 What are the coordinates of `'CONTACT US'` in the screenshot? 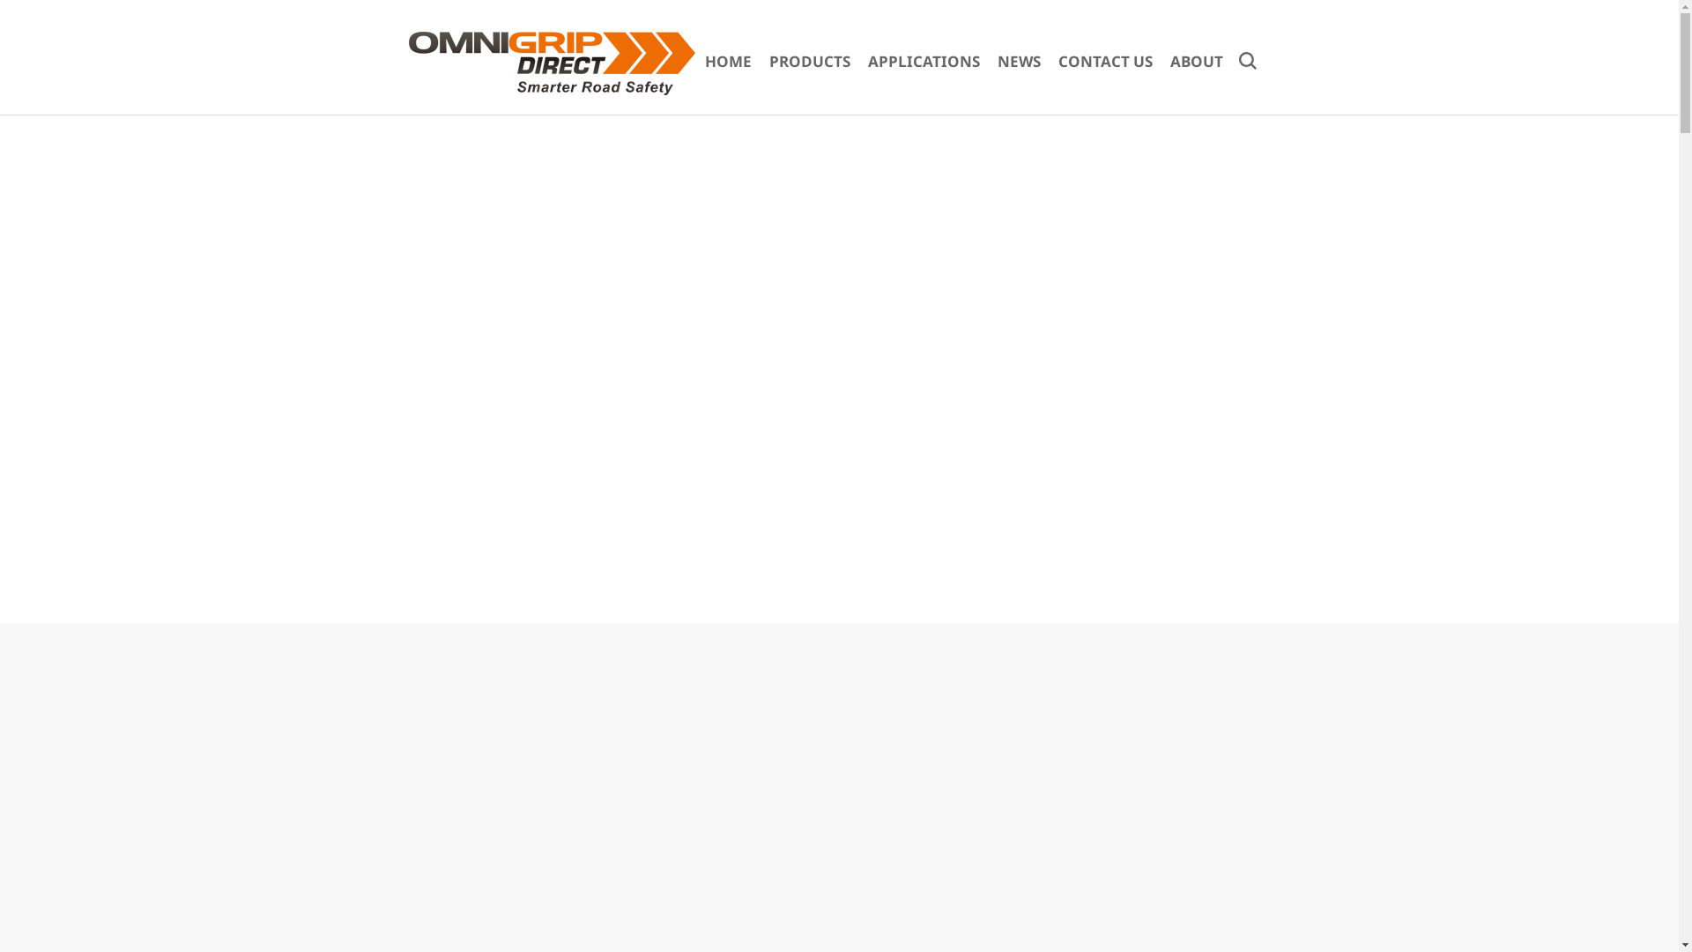 It's located at (1104, 60).